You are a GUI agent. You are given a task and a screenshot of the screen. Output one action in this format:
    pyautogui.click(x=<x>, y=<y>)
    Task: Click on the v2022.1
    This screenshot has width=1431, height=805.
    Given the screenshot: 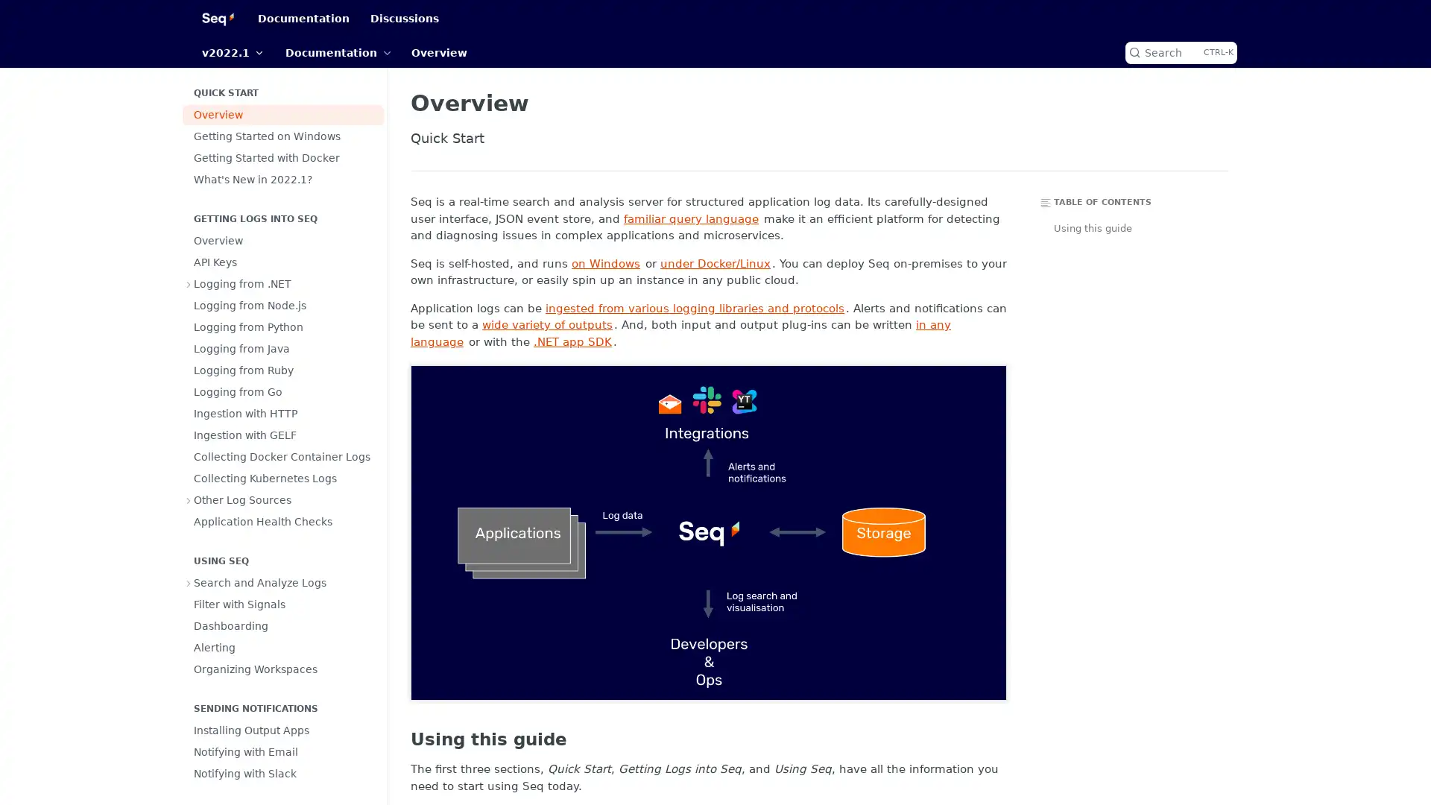 What is the action you would take?
    pyautogui.click(x=232, y=51)
    